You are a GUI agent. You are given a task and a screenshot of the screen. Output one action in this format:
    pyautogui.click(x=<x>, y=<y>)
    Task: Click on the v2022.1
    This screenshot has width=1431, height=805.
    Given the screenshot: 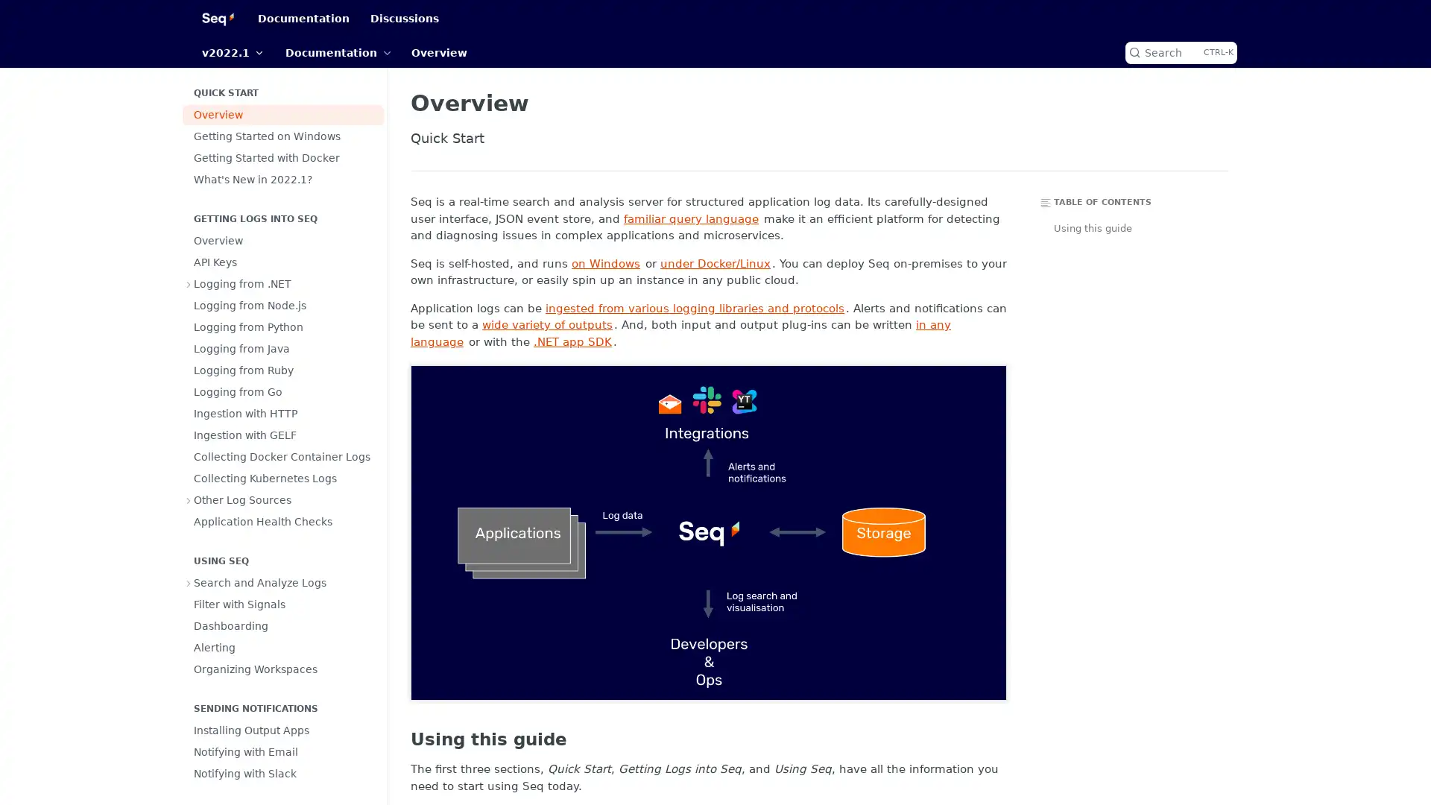 What is the action you would take?
    pyautogui.click(x=232, y=51)
    